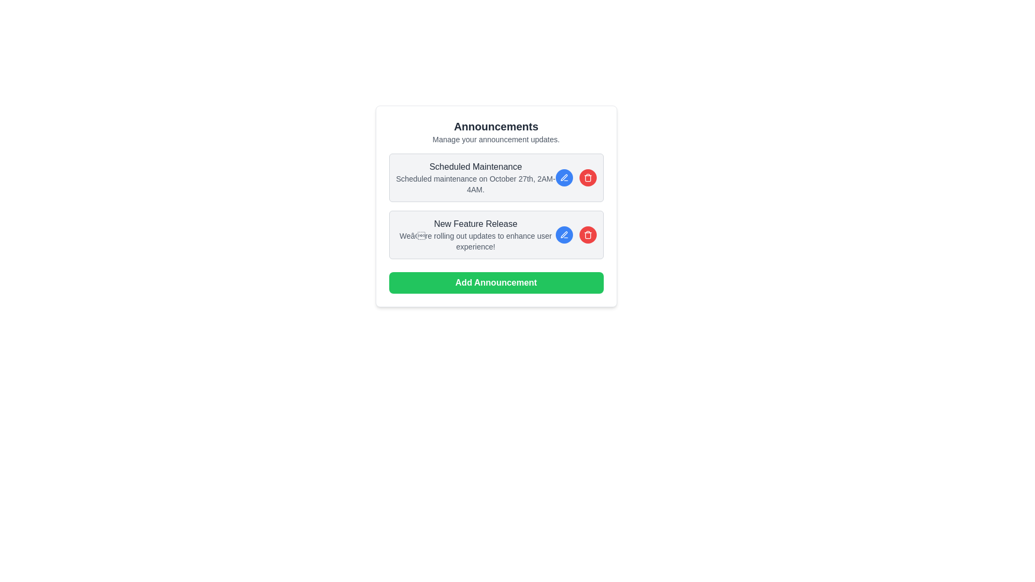 This screenshot has width=1035, height=582. What do you see at coordinates (563, 177) in the screenshot?
I see `the edit icon button located in the middle-right section of the 'Scheduled Maintenance' announcement box to initiate editing` at bounding box center [563, 177].